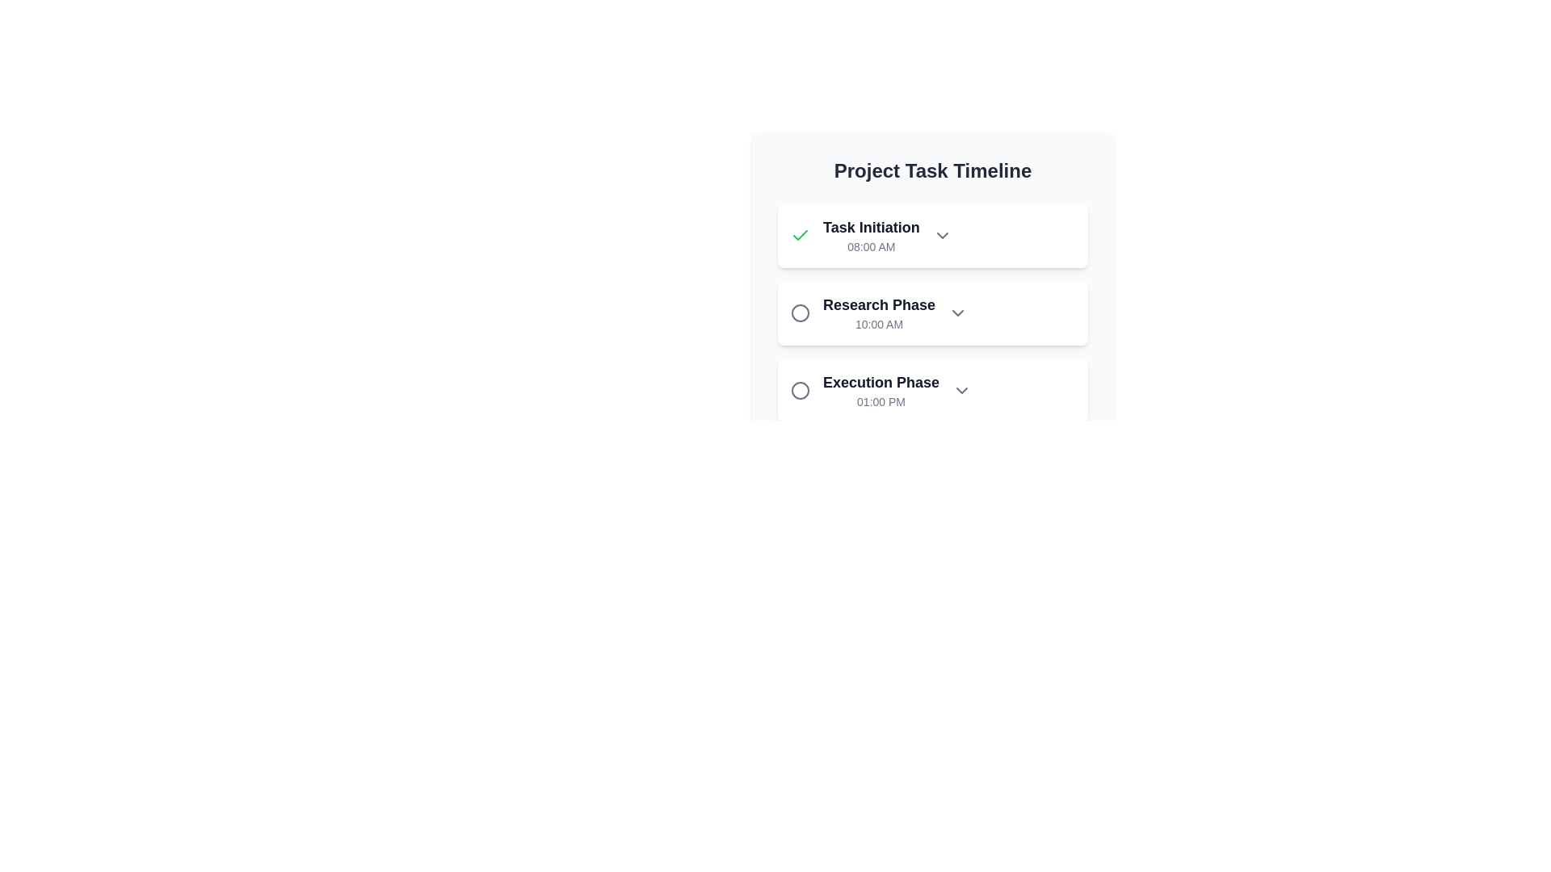 The width and height of the screenshot is (1551, 872). I want to click on the green checkmark icon indicating a completed or selected state, located to the left of the text 'Task Initiation' and its time '08:00 AM' in the 'Project Task Timeline' list, so click(800, 236).